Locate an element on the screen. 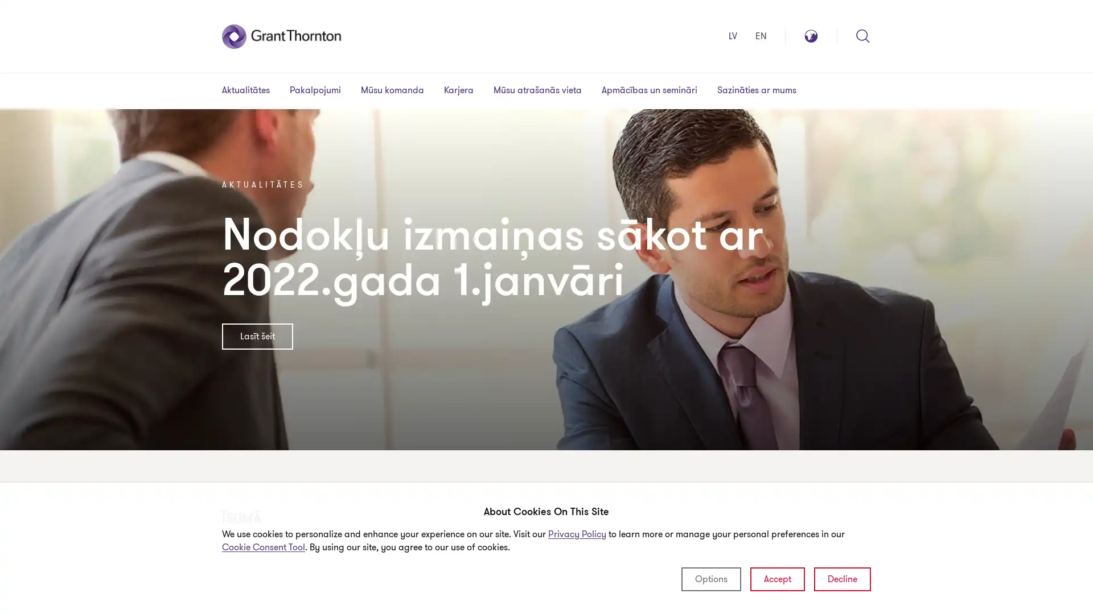  Decline is located at coordinates (842, 579).